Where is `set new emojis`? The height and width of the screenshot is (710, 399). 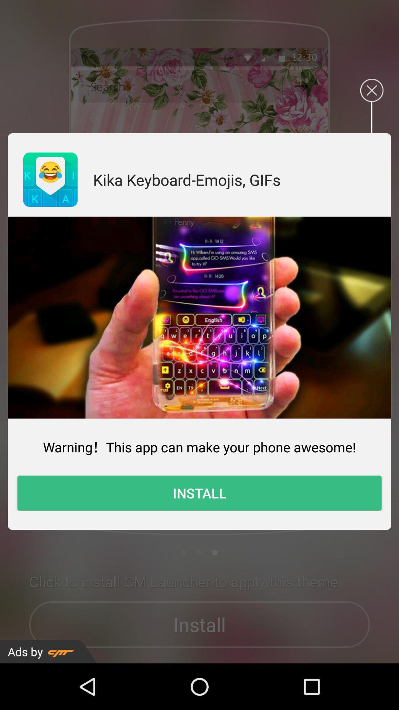 set new emojis is located at coordinates (199, 317).